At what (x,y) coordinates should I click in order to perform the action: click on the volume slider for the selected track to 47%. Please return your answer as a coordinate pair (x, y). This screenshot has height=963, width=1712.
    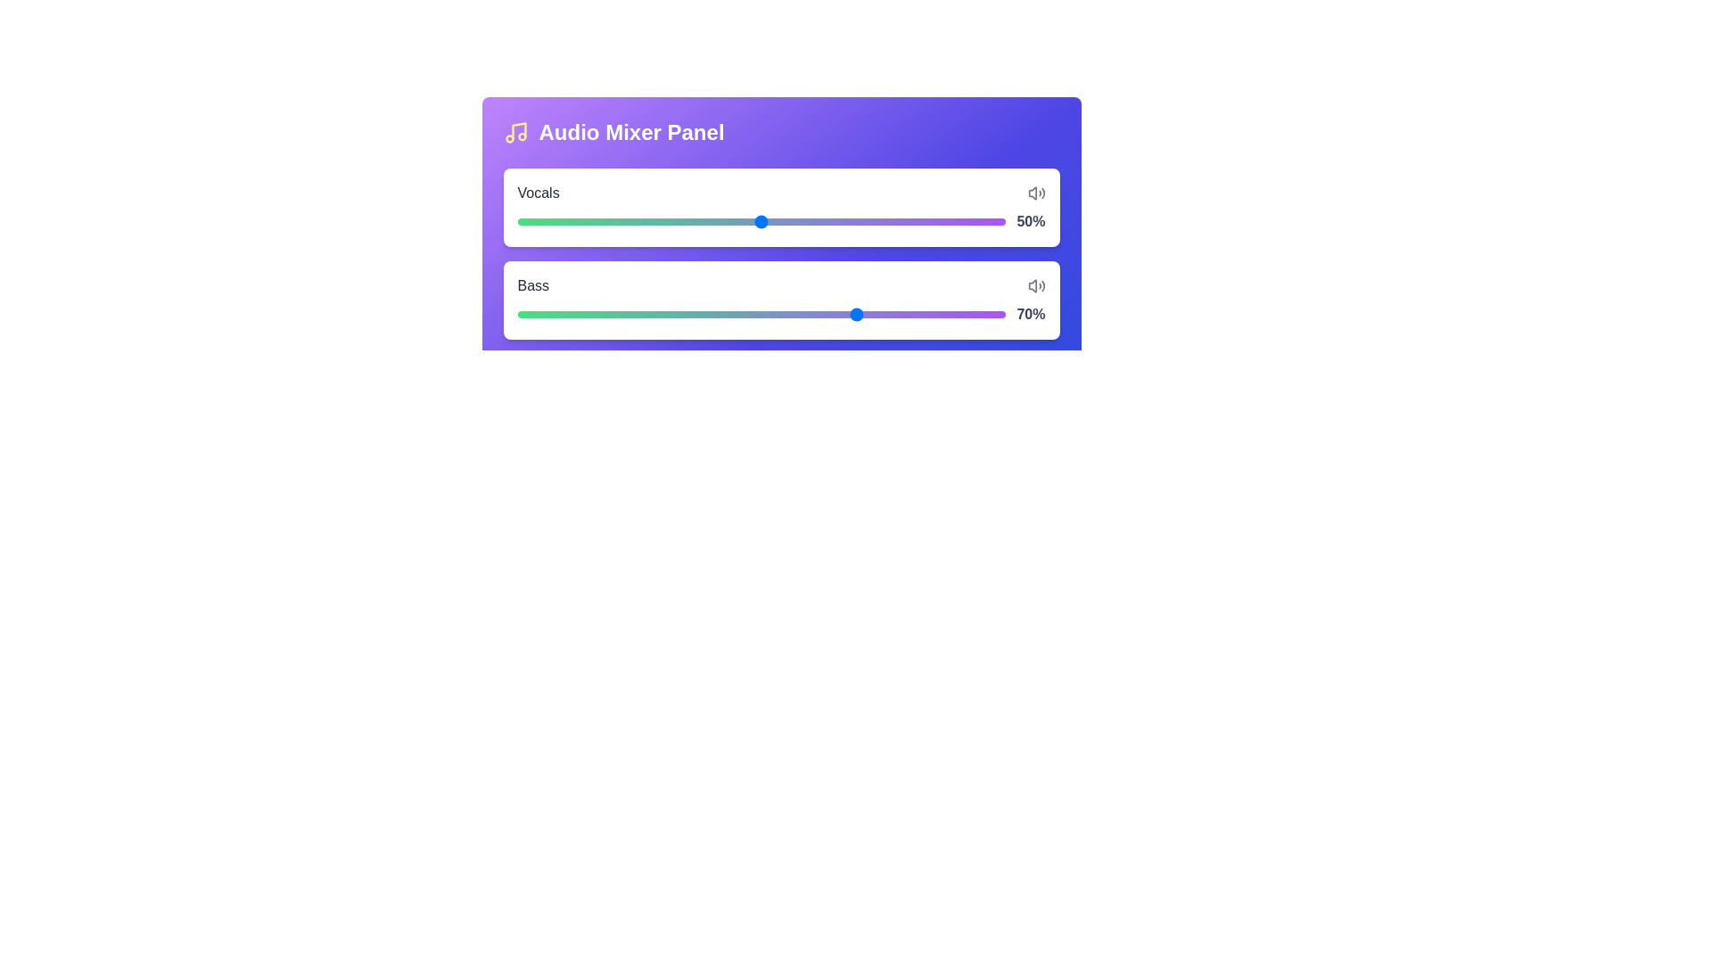
    Looking at the image, I should click on (747, 218).